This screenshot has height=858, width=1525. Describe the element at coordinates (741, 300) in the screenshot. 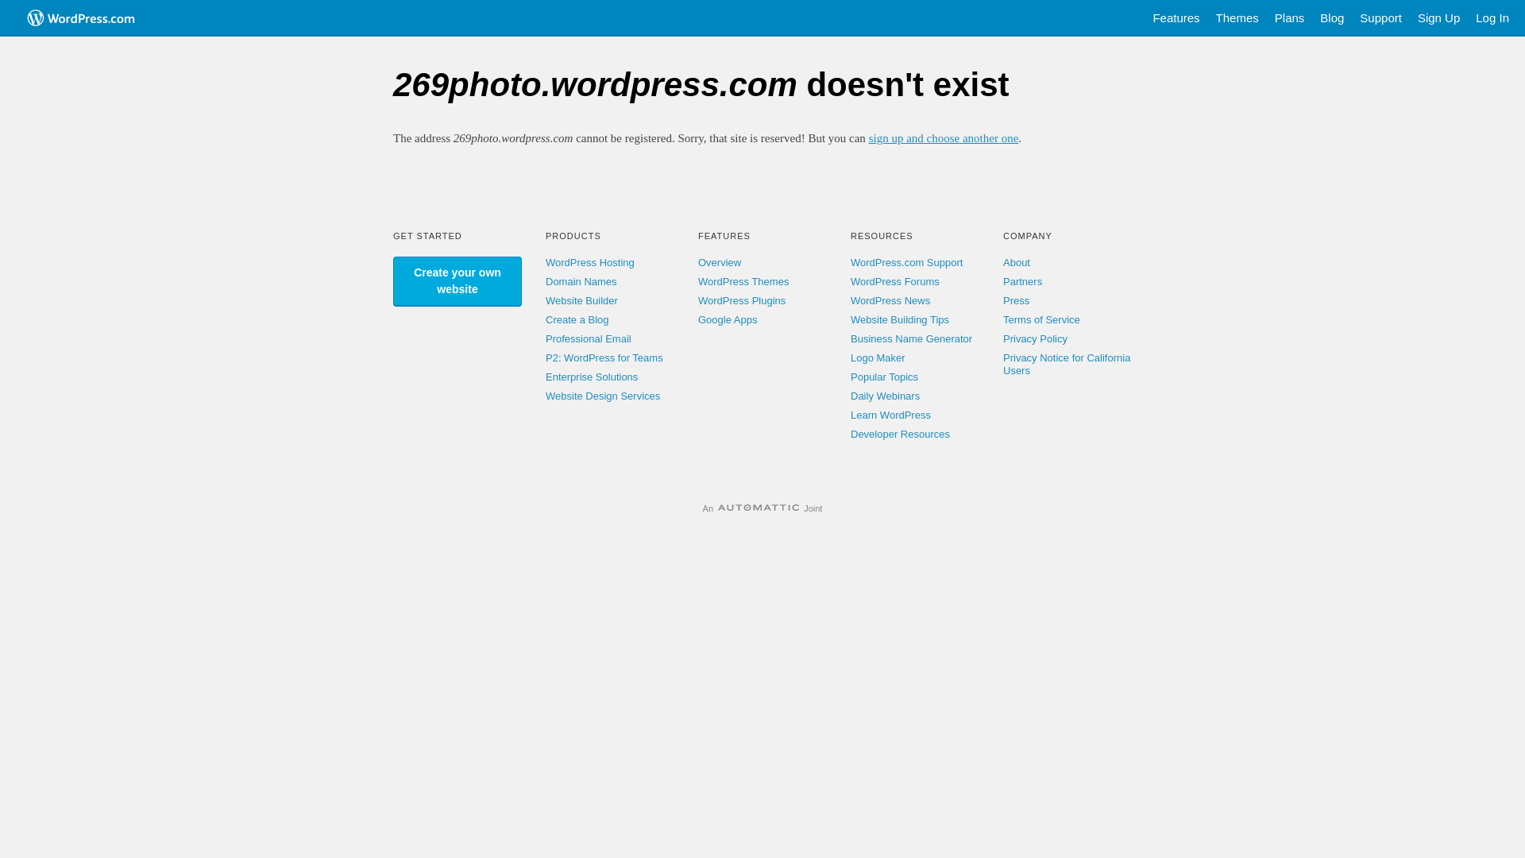

I see `'WordPress Plugins'` at that location.